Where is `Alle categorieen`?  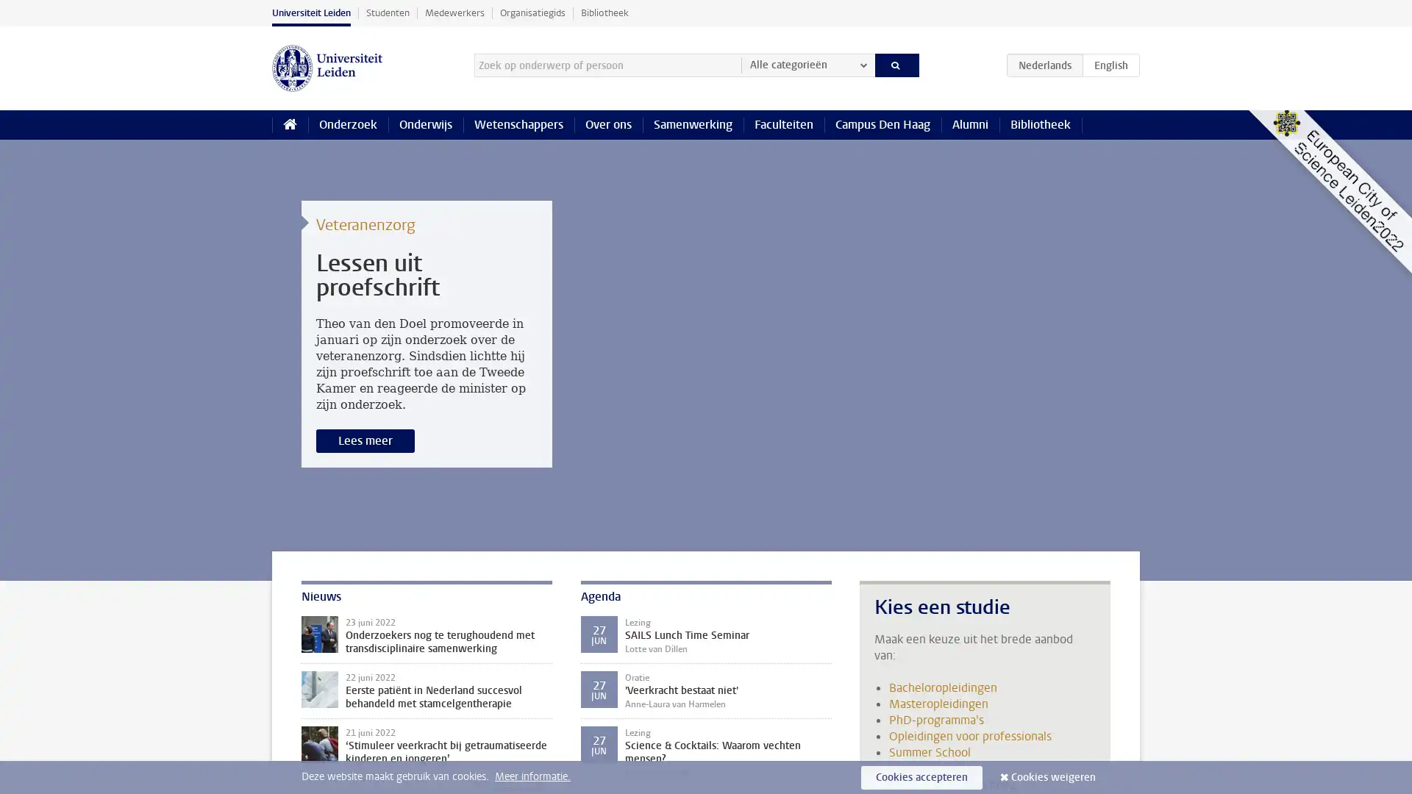
Alle categorieen is located at coordinates (807, 64).